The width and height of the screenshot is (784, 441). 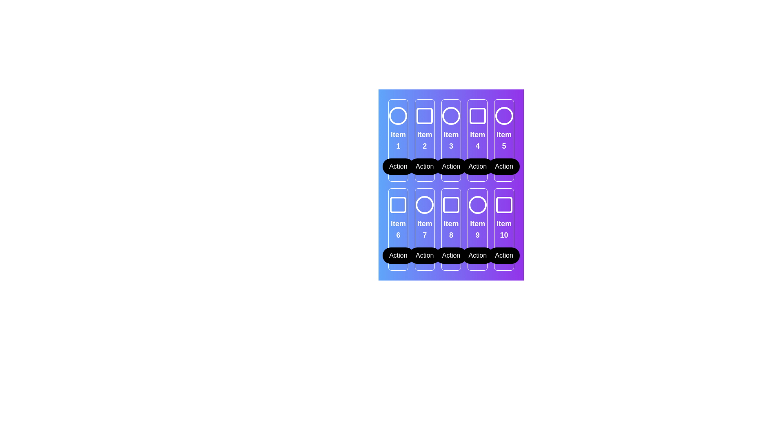 I want to click on the black rounded rectangular button labeled 'Action' to observe its styling effects, located below 'Item 5', so click(x=503, y=166).